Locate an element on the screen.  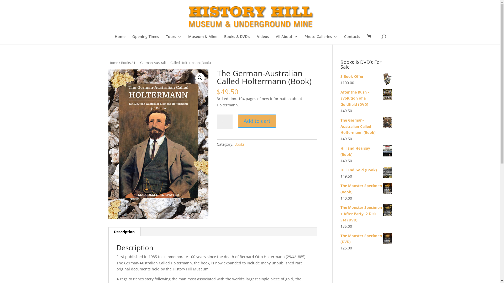
'Tours' is located at coordinates (174, 39).